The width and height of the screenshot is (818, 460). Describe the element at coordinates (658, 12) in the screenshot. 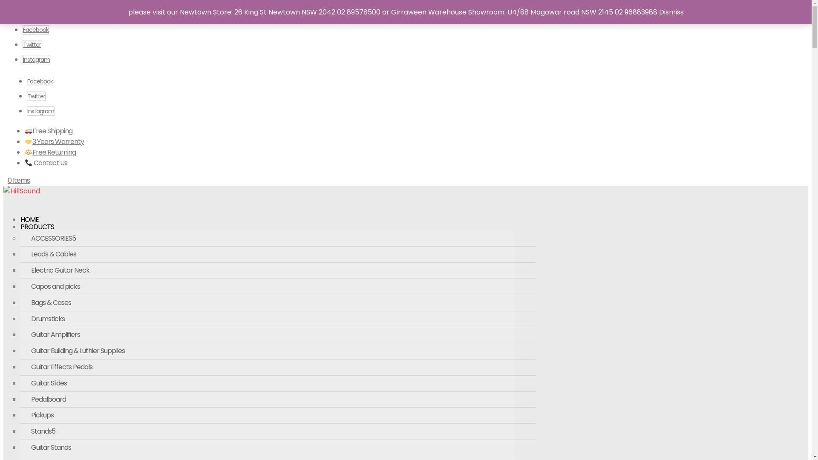

I see `'Dismiss'` at that location.